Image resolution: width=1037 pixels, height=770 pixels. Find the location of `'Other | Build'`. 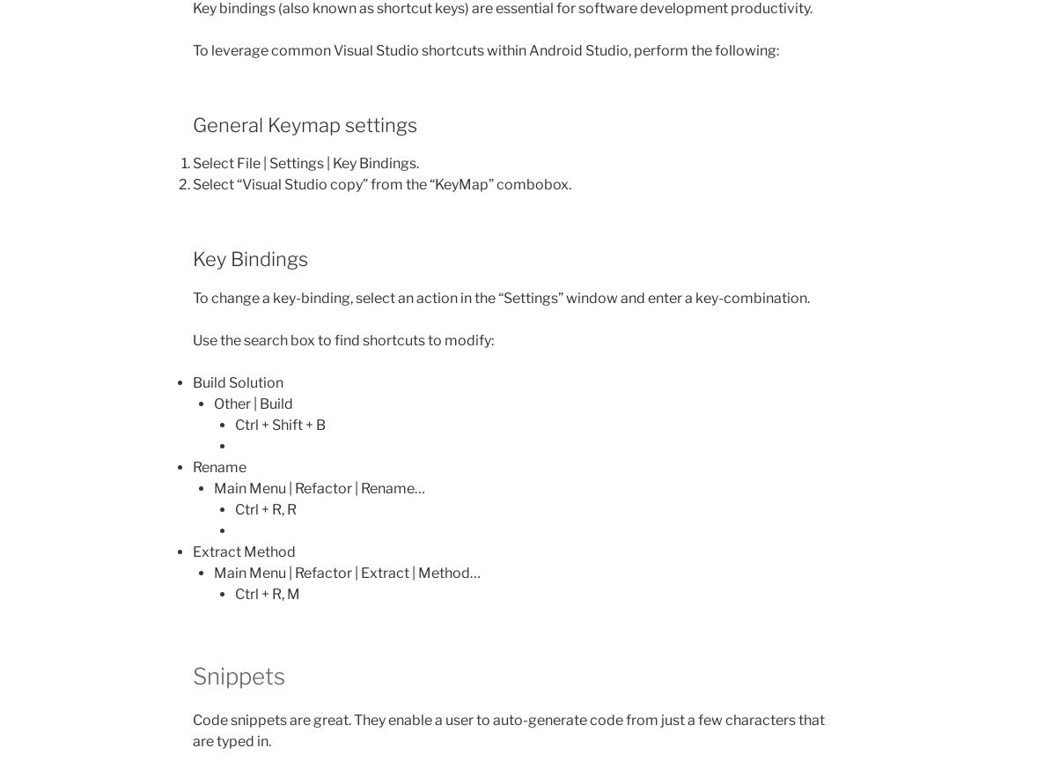

'Other | Build' is located at coordinates (253, 402).